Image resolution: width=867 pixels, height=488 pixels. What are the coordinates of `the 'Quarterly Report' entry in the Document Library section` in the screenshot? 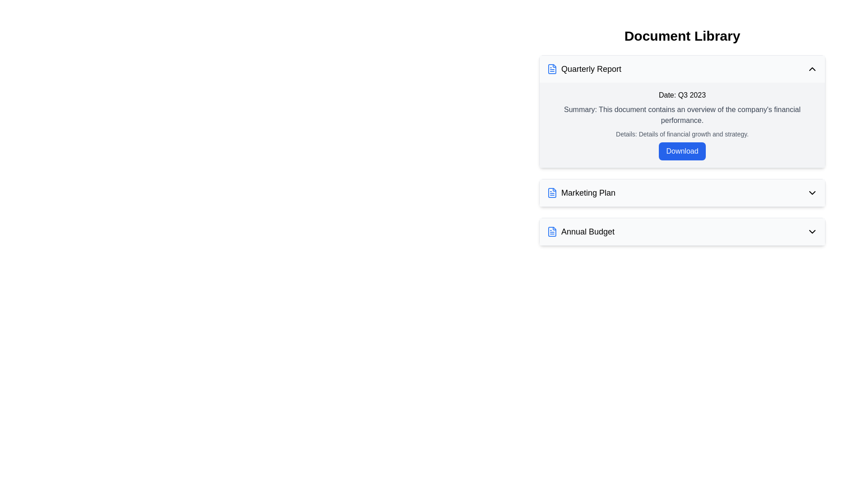 It's located at (682, 150).